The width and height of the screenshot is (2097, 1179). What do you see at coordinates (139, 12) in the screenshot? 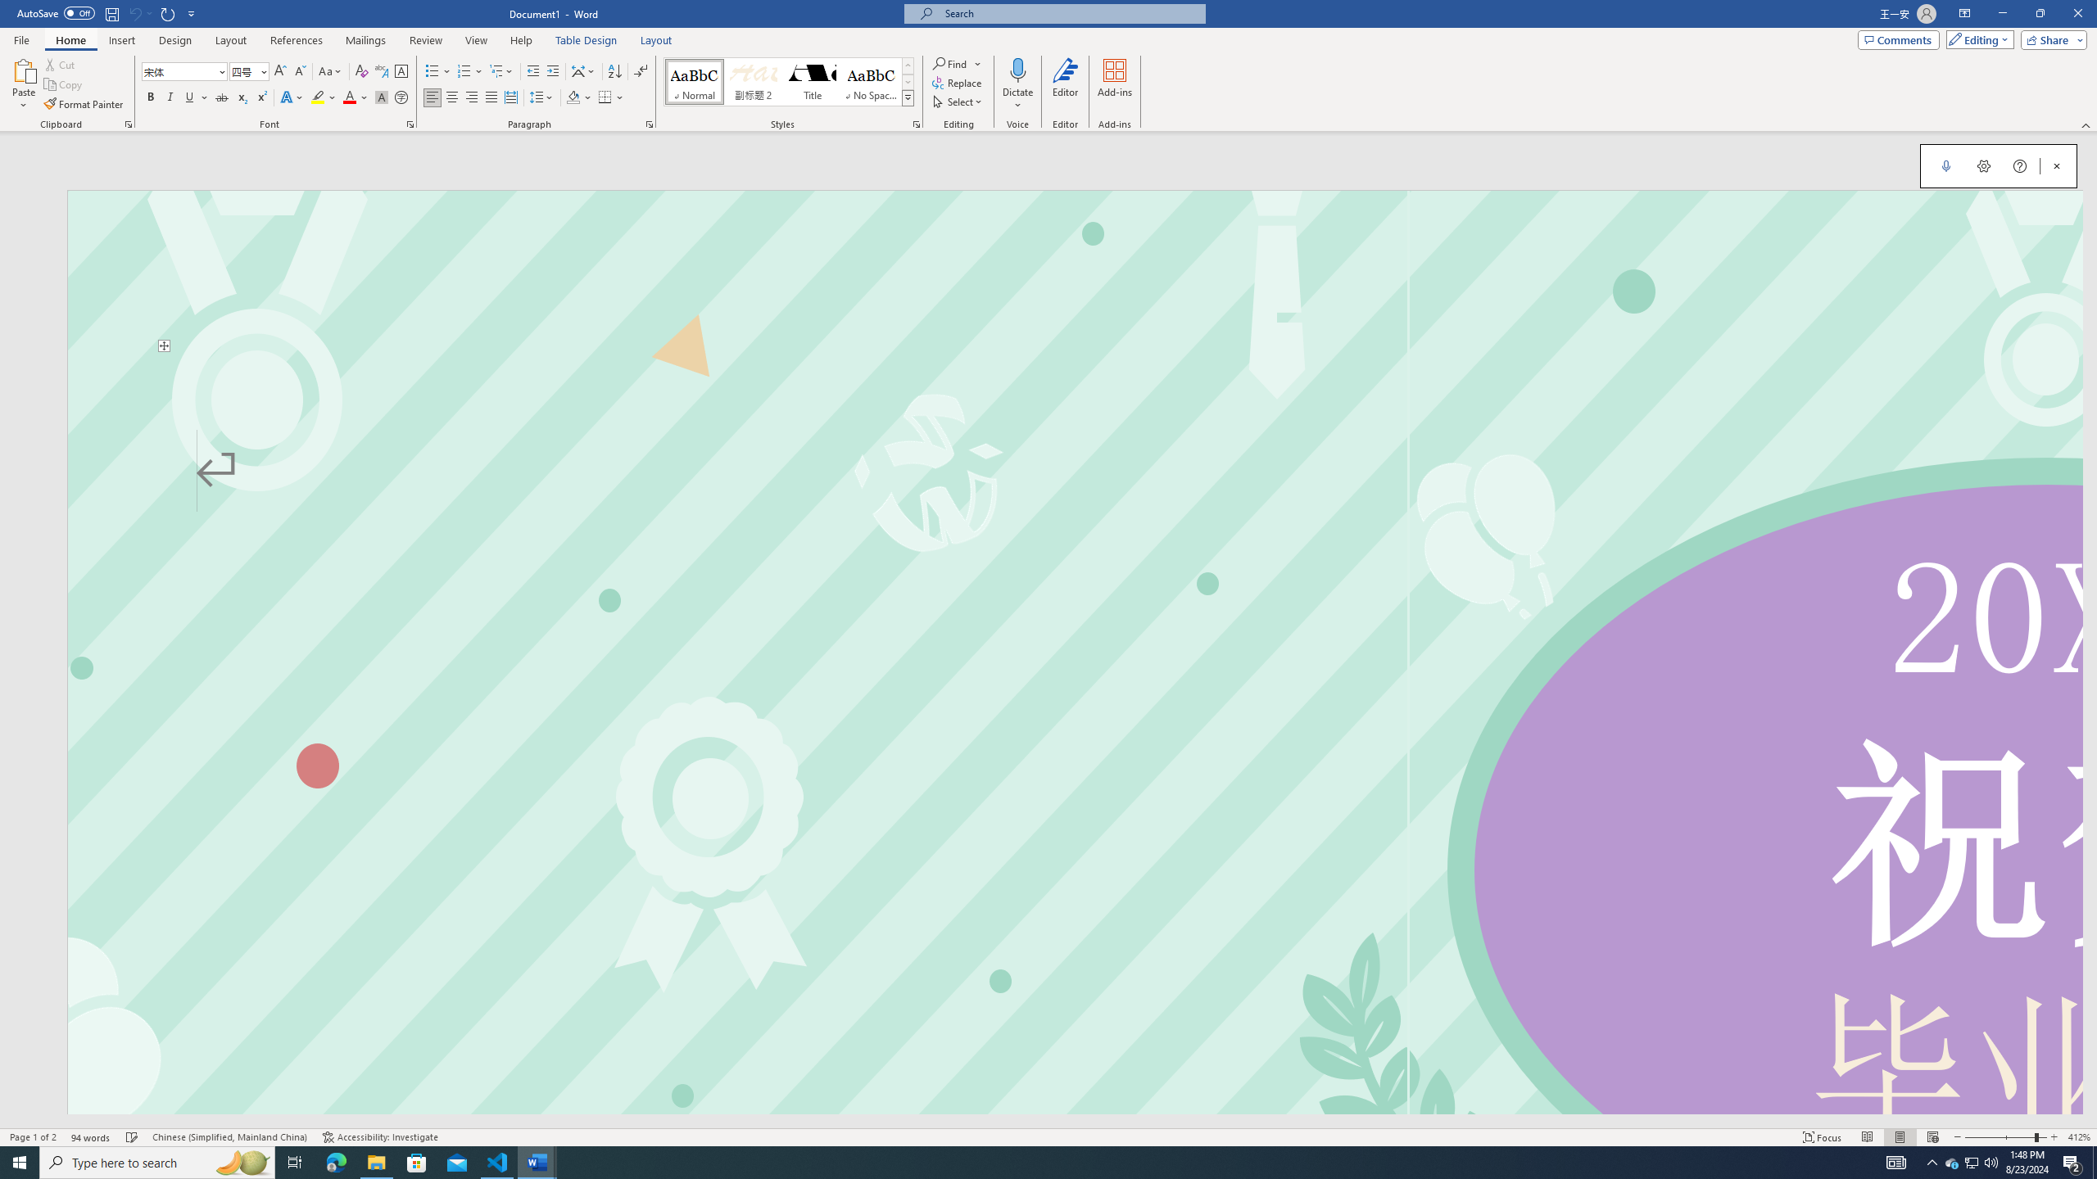
I see `'Can'` at bounding box center [139, 12].